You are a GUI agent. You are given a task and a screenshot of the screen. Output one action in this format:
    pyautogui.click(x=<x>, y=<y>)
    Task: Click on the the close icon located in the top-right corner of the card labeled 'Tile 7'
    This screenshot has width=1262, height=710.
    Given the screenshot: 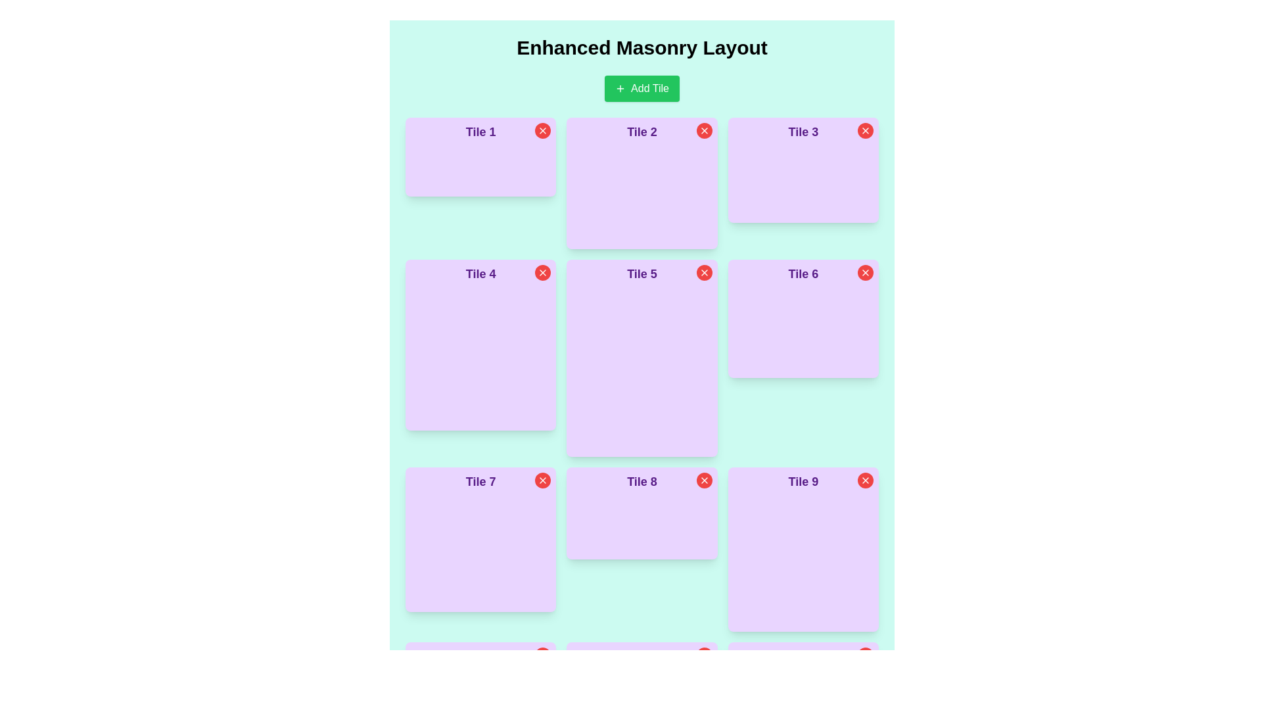 What is the action you would take?
    pyautogui.click(x=543, y=481)
    